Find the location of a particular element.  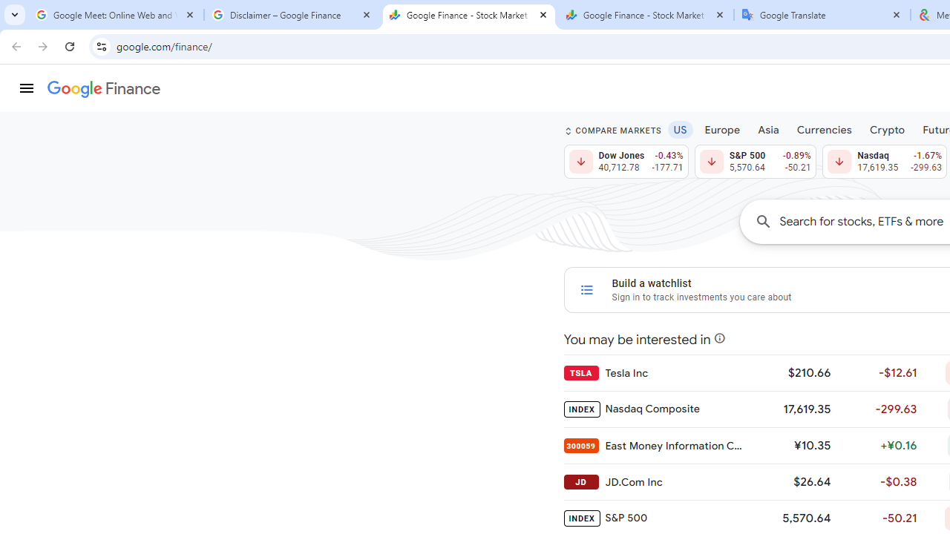

'Currencies' is located at coordinates (823, 128).